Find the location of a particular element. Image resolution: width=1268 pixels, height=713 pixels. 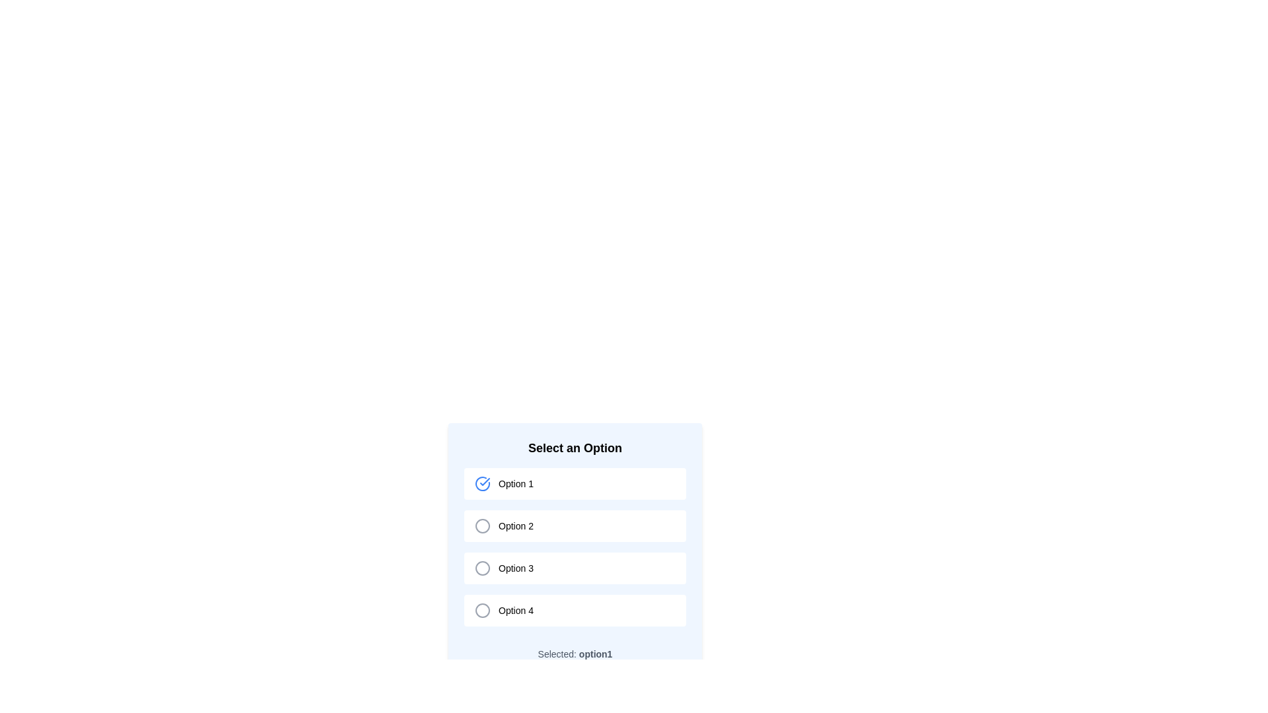

the third selectable option in the radio list labeled 'Option 3' under the title 'Select an Option' is located at coordinates (575, 550).